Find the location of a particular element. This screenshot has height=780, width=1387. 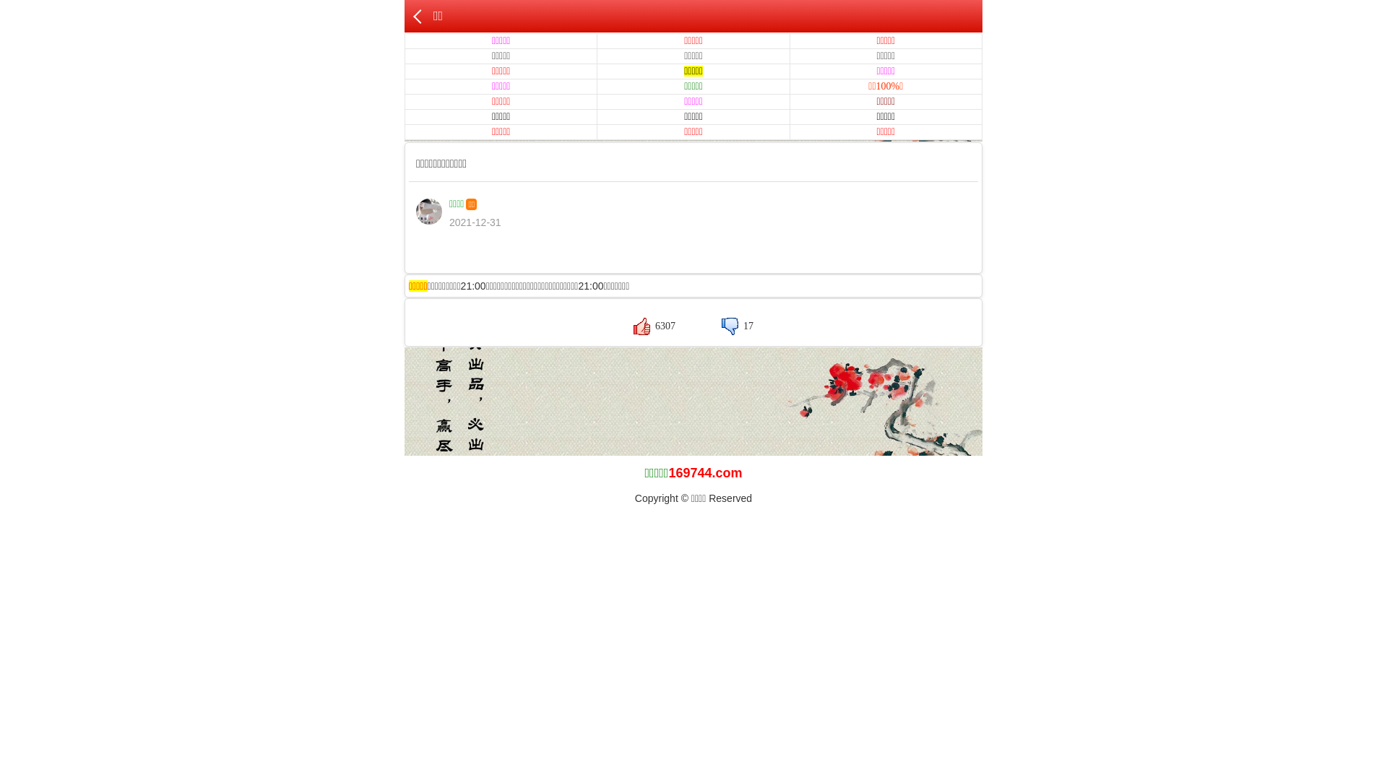

'6307' is located at coordinates (654, 326).